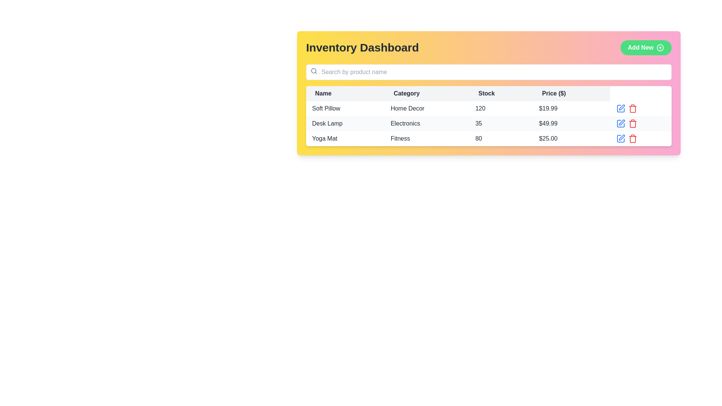 Image resolution: width=722 pixels, height=406 pixels. What do you see at coordinates (314, 71) in the screenshot?
I see `the search icon located inside the input field for searching on the left side of the placeholder text in the Inventory Dashboard card` at bounding box center [314, 71].